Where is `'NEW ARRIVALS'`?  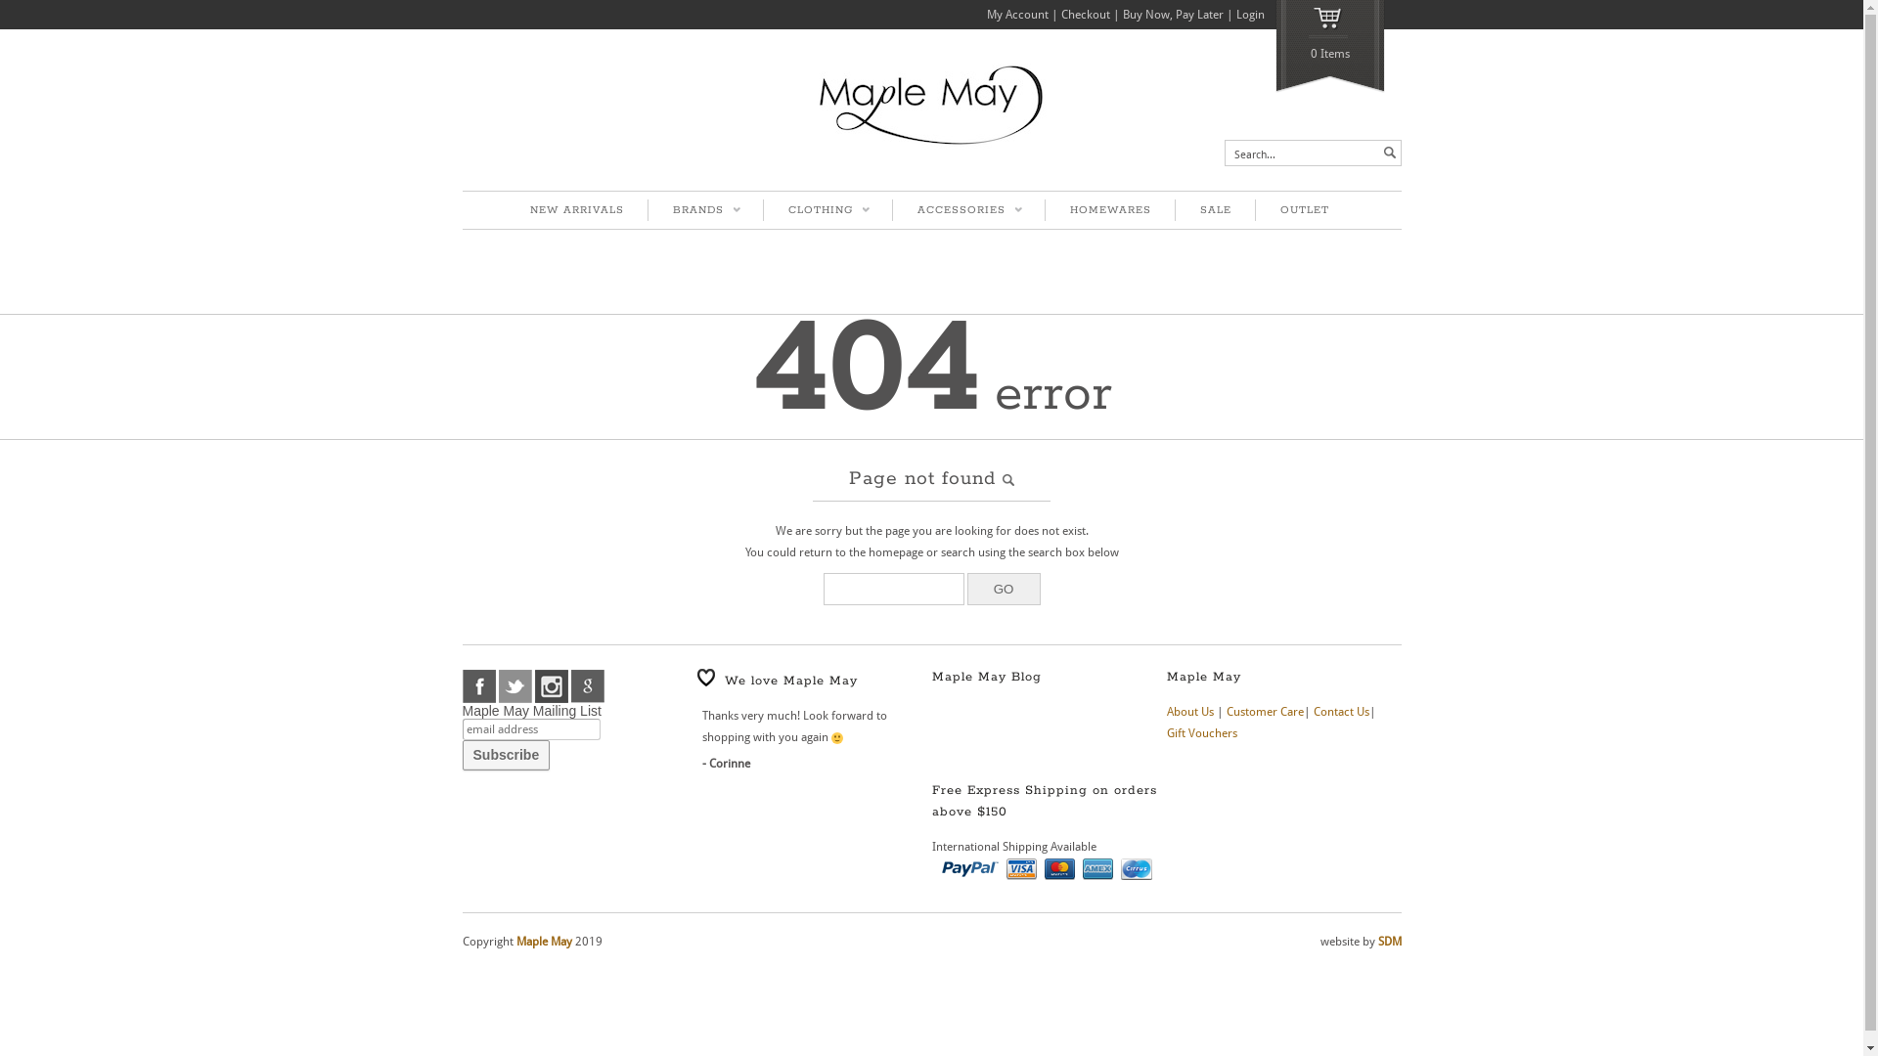 'NEW ARRIVALS' is located at coordinates (576, 210).